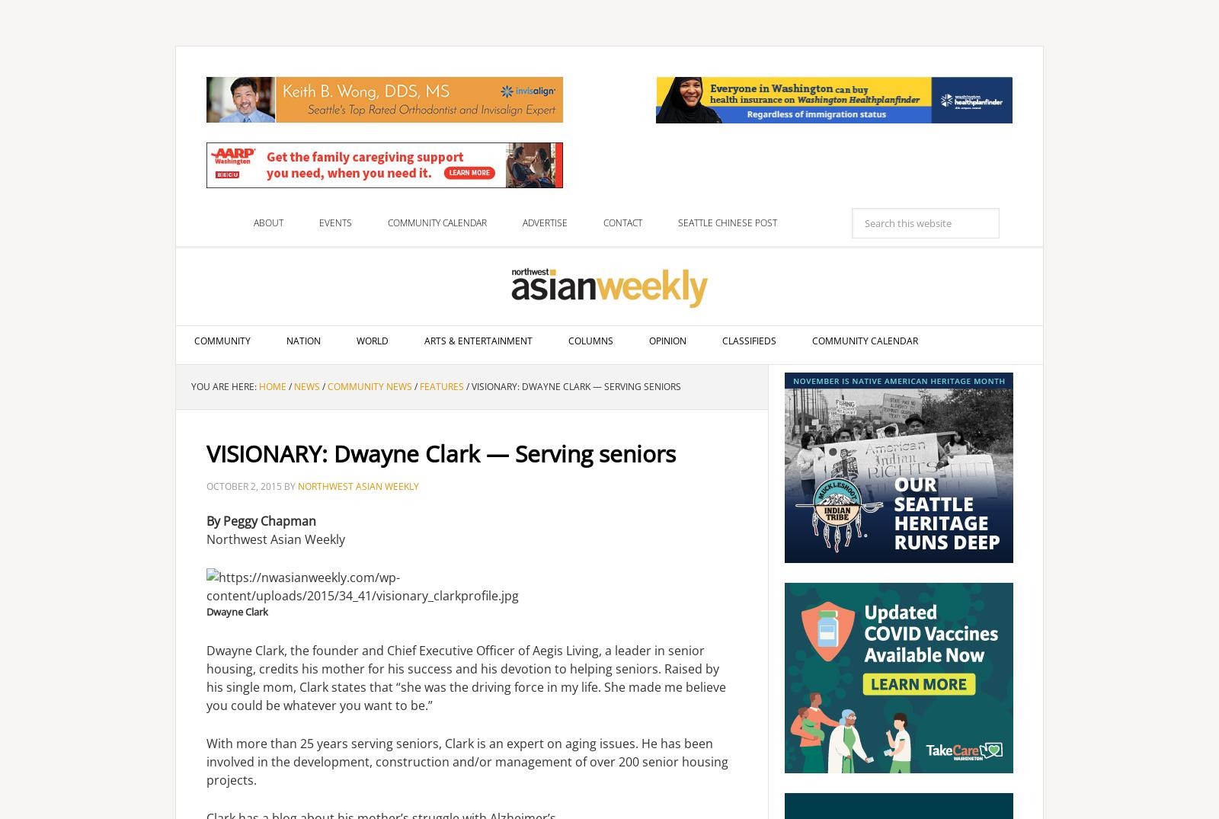 Image resolution: width=1219 pixels, height=819 pixels. What do you see at coordinates (371, 341) in the screenshot?
I see `'World'` at bounding box center [371, 341].